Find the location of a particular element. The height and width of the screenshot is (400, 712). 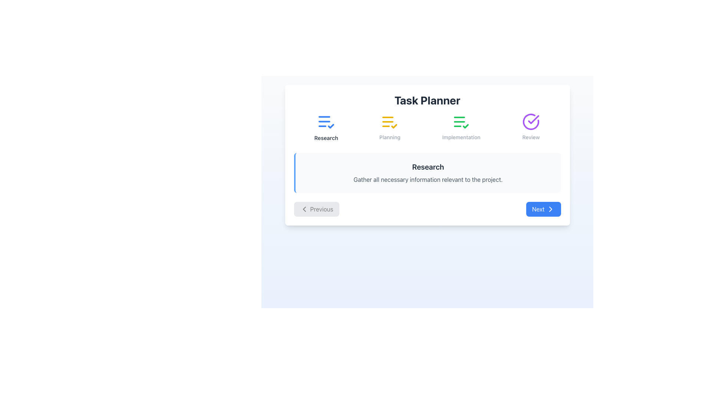

the 'Previous' button, which is a rectangular button with rounded corners, gray background, and a leftward-pointing chevron icon, located in the bottom-left part of the navigation controls is located at coordinates (316, 209).